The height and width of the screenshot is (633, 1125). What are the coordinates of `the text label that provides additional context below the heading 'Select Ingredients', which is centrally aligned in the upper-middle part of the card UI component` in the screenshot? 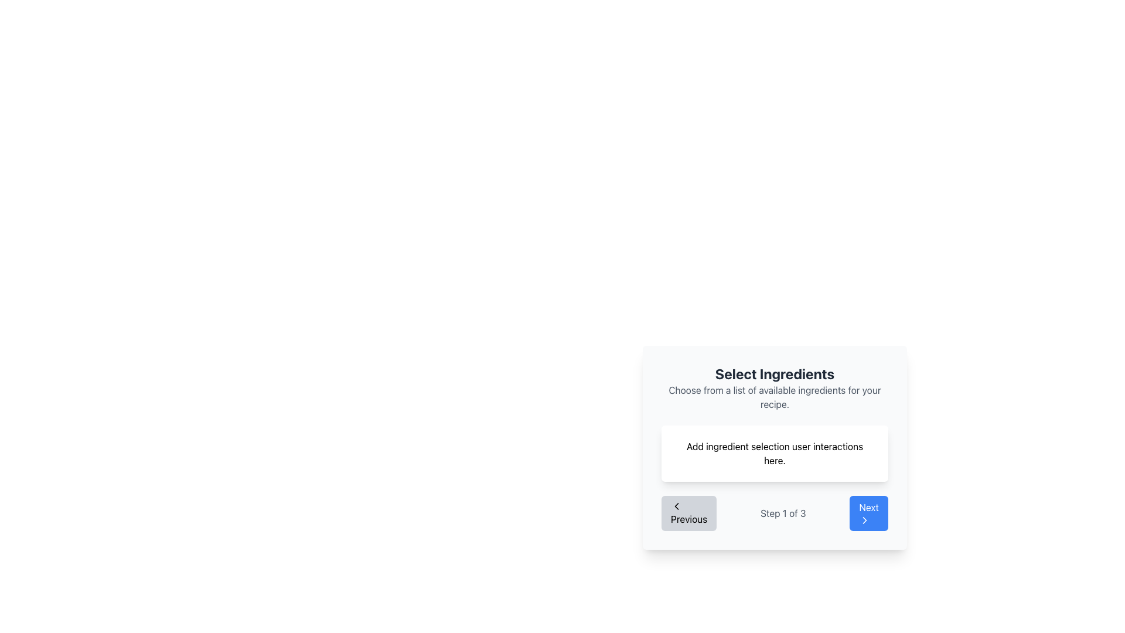 It's located at (775, 397).